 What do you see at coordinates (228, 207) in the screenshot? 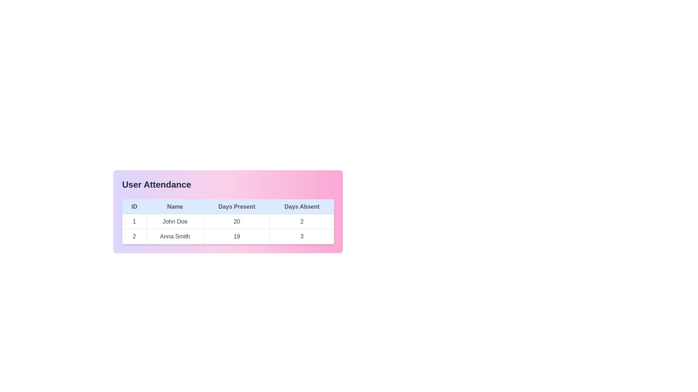
I see `the Table Header Row which provides labels for the columns including 'ID', 'Name', 'Days Present', and 'Days Absent' in the 'User Attendance' section` at bounding box center [228, 207].